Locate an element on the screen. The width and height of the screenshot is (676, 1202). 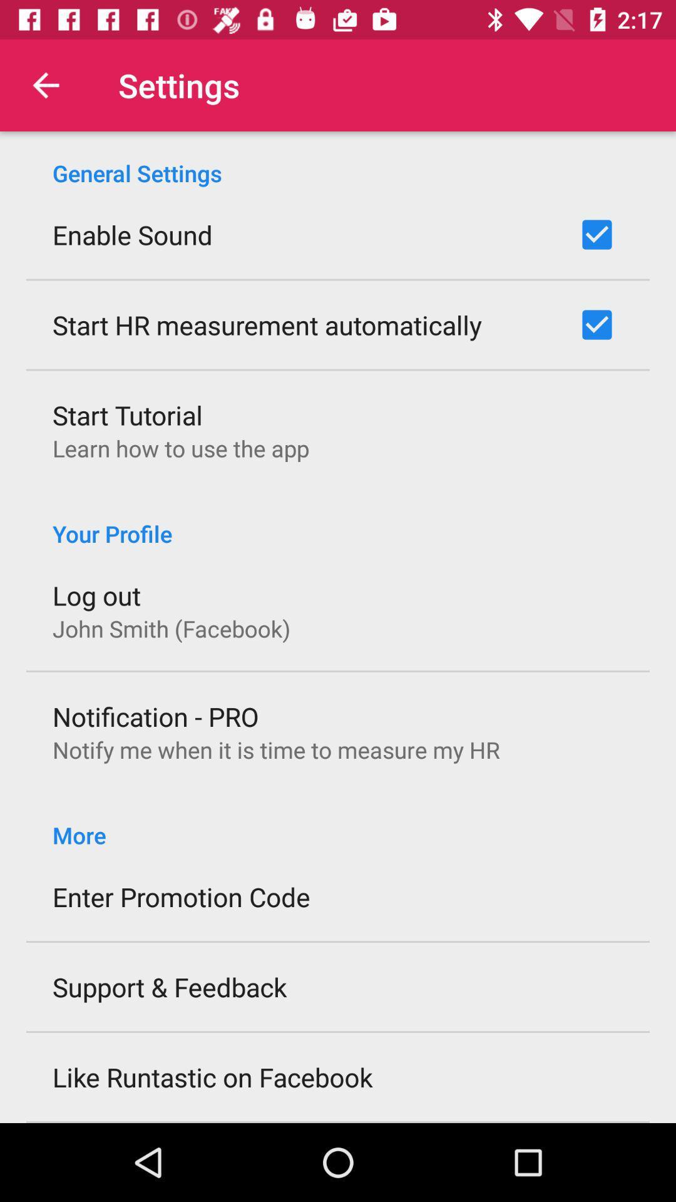
the option beside start hr measurement automatically is located at coordinates (596, 324).